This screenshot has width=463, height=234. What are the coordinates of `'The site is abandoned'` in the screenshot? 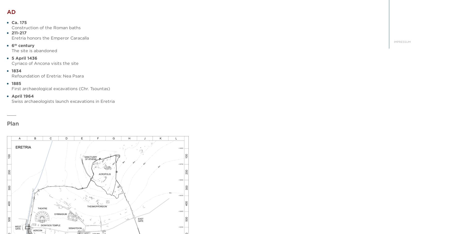 It's located at (34, 50).